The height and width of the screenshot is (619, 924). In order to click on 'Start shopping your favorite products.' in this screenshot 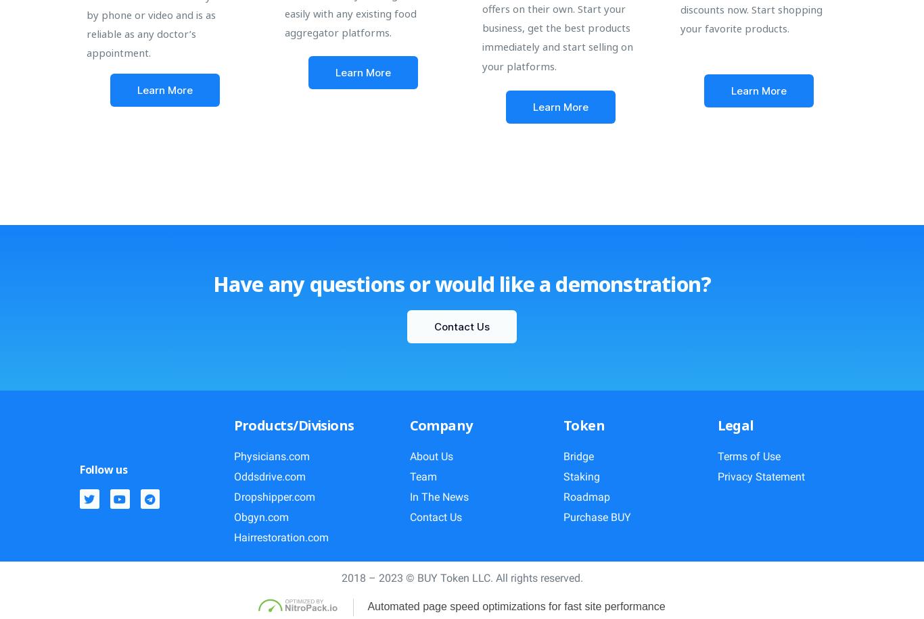, I will do `click(750, 18)`.